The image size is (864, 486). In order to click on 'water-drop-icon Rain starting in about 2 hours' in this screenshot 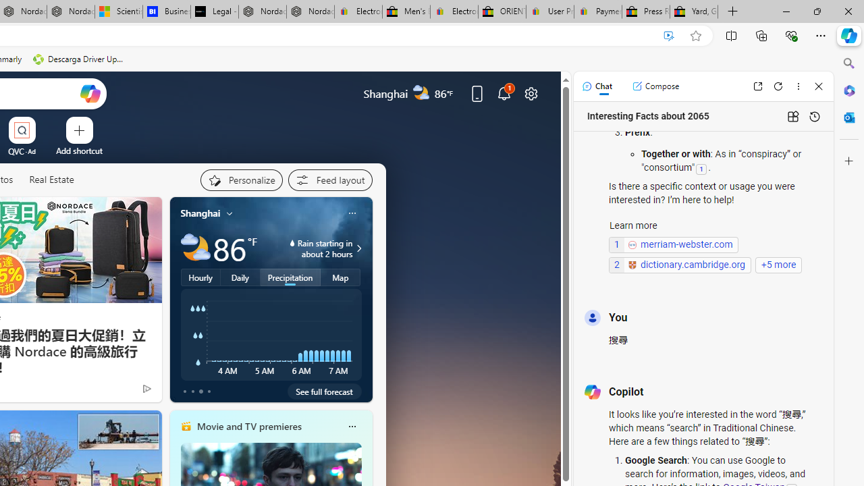, I will do `click(309, 248)`.